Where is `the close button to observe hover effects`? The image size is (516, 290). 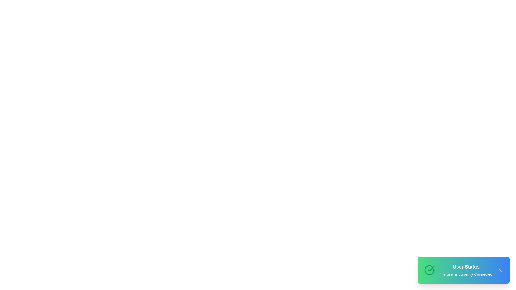
the close button to observe hover effects is located at coordinates (500, 270).